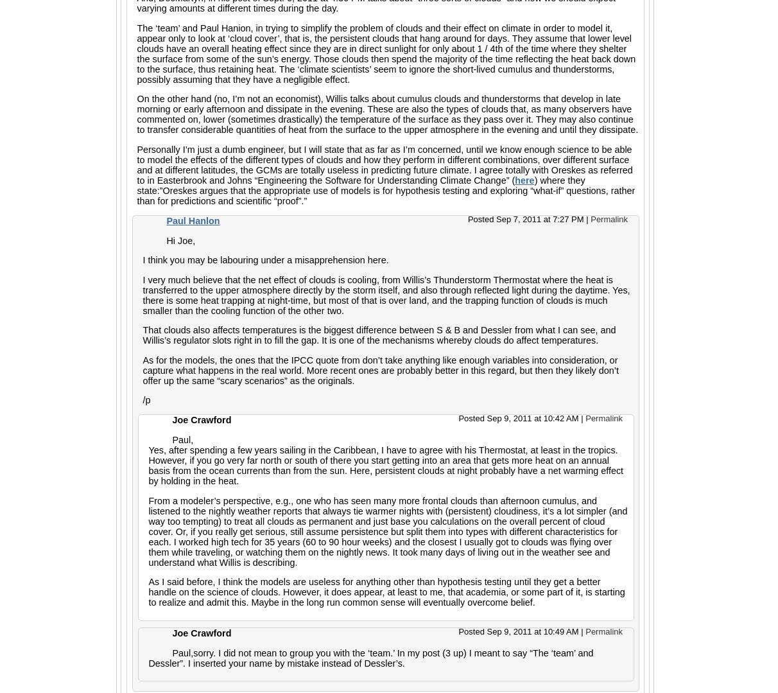  What do you see at coordinates (519, 417) in the screenshot?
I see `'Posted Sep 9, 2011 at 10:42 AM'` at bounding box center [519, 417].